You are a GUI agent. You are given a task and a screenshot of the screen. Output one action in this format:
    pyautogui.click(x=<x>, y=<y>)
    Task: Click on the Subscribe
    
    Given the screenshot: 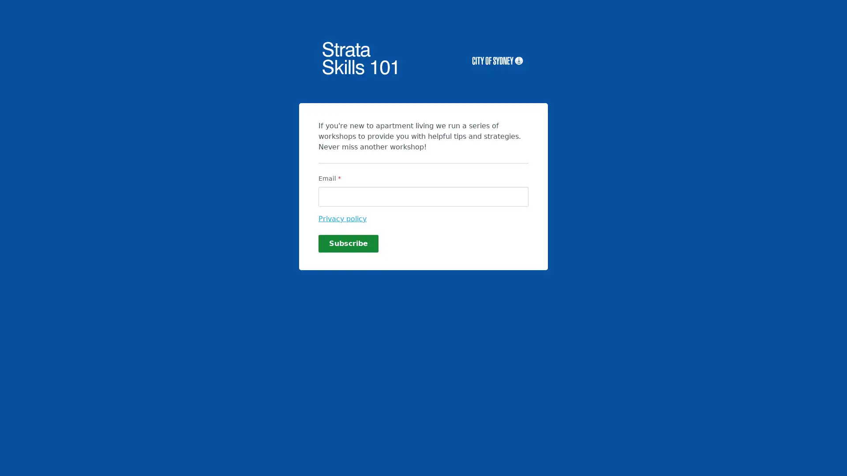 What is the action you would take?
    pyautogui.click(x=348, y=243)
    